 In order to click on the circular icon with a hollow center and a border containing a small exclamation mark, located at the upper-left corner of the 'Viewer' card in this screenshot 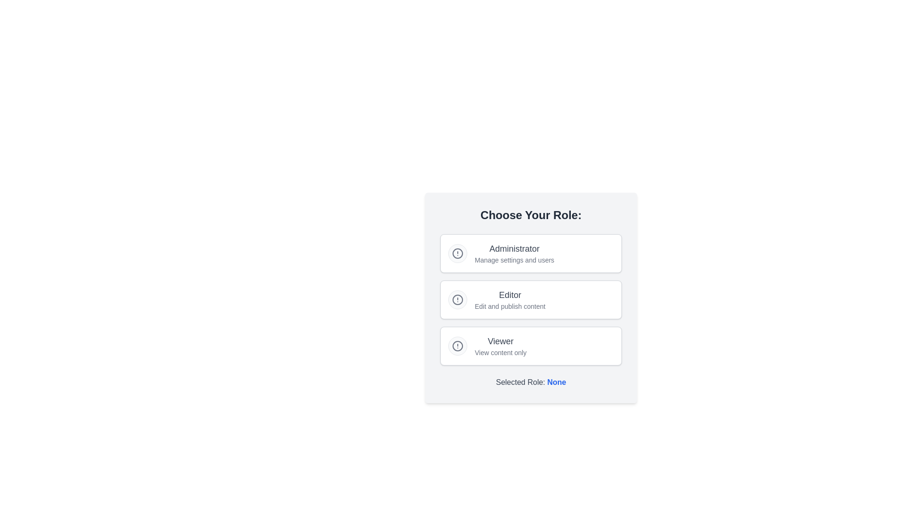, I will do `click(458, 346)`.